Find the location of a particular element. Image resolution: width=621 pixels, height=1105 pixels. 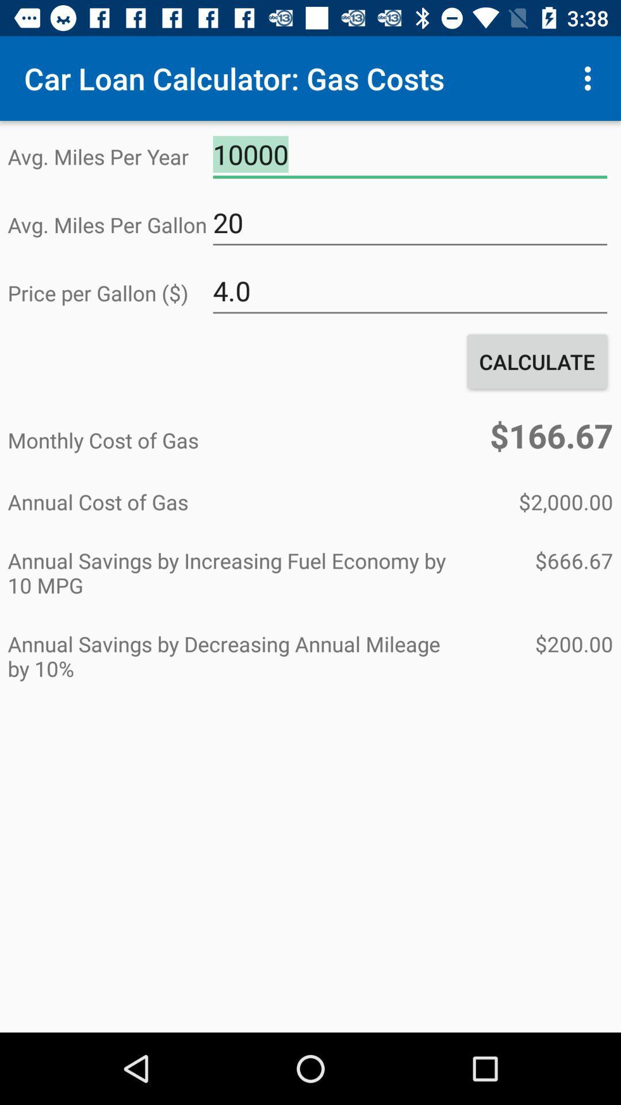

item above 10000 is located at coordinates (591, 78).